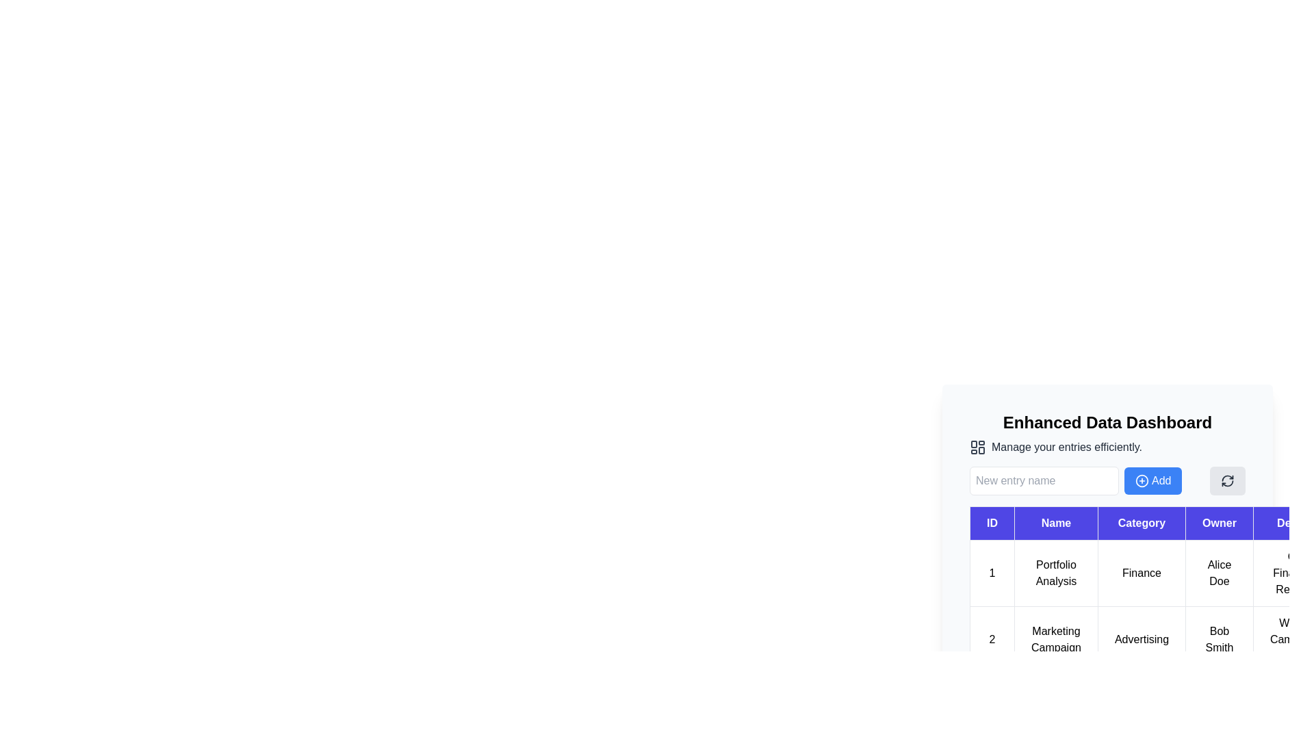 Image resolution: width=1314 pixels, height=739 pixels. Describe the element at coordinates (1107, 448) in the screenshot. I see `text content of the label that displays 'Manage your entries efficiently.' which is accompanied by a dashboard icon located beneath the title 'Enhanced Data Dashboard'` at that location.